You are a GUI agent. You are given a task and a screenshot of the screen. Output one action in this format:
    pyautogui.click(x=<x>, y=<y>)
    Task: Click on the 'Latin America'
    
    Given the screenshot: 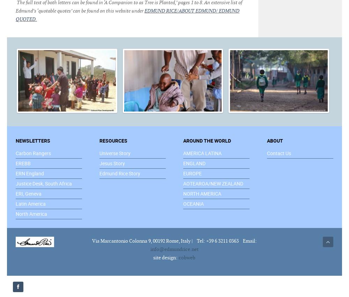 What is the action you would take?
    pyautogui.click(x=30, y=203)
    